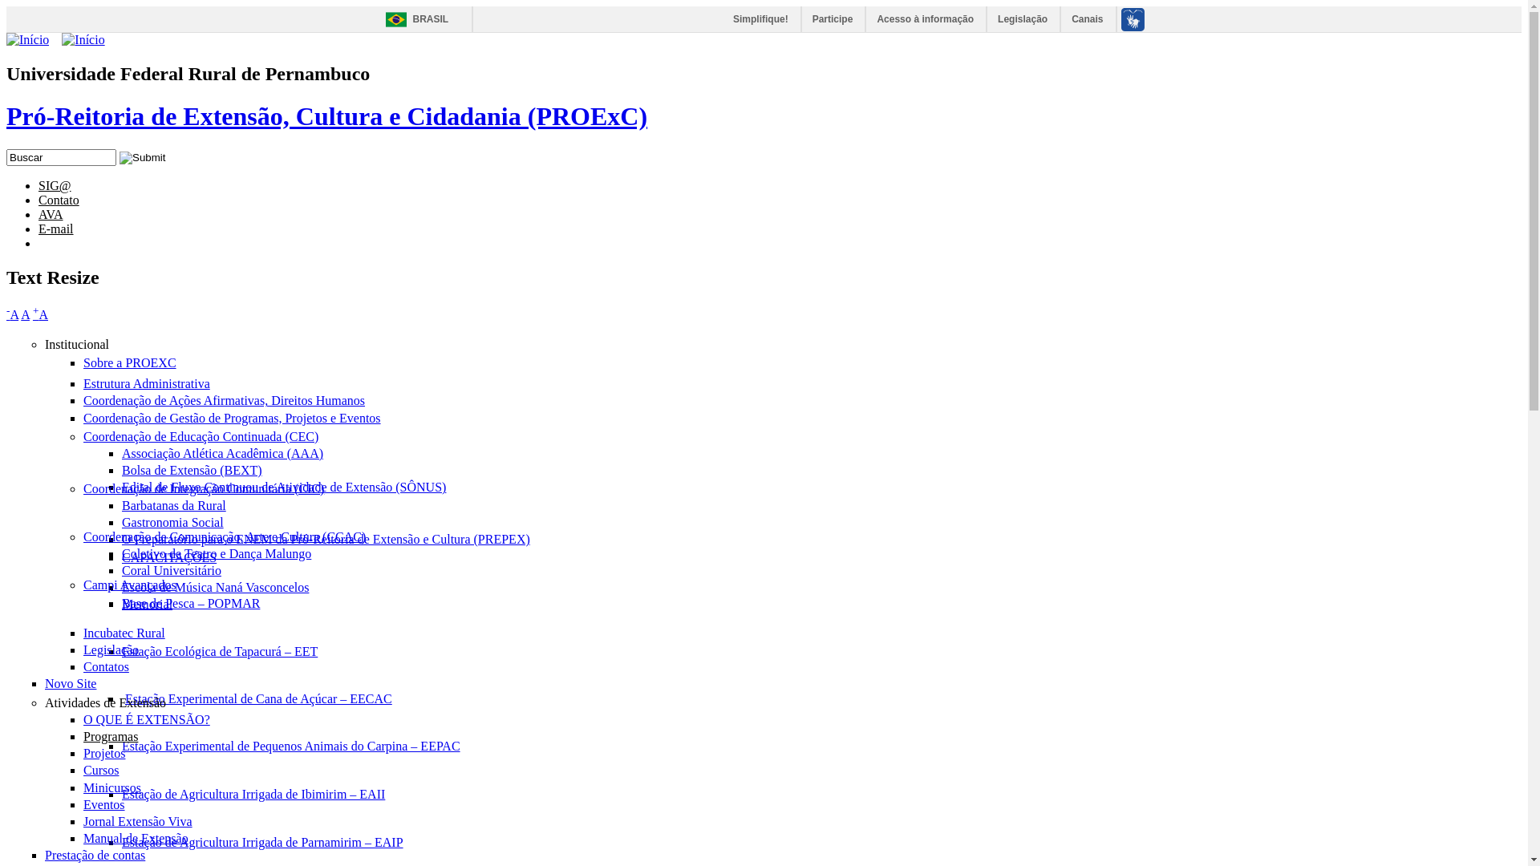 This screenshot has width=1540, height=866. Describe the element at coordinates (40, 314) in the screenshot. I see `'+A'` at that location.